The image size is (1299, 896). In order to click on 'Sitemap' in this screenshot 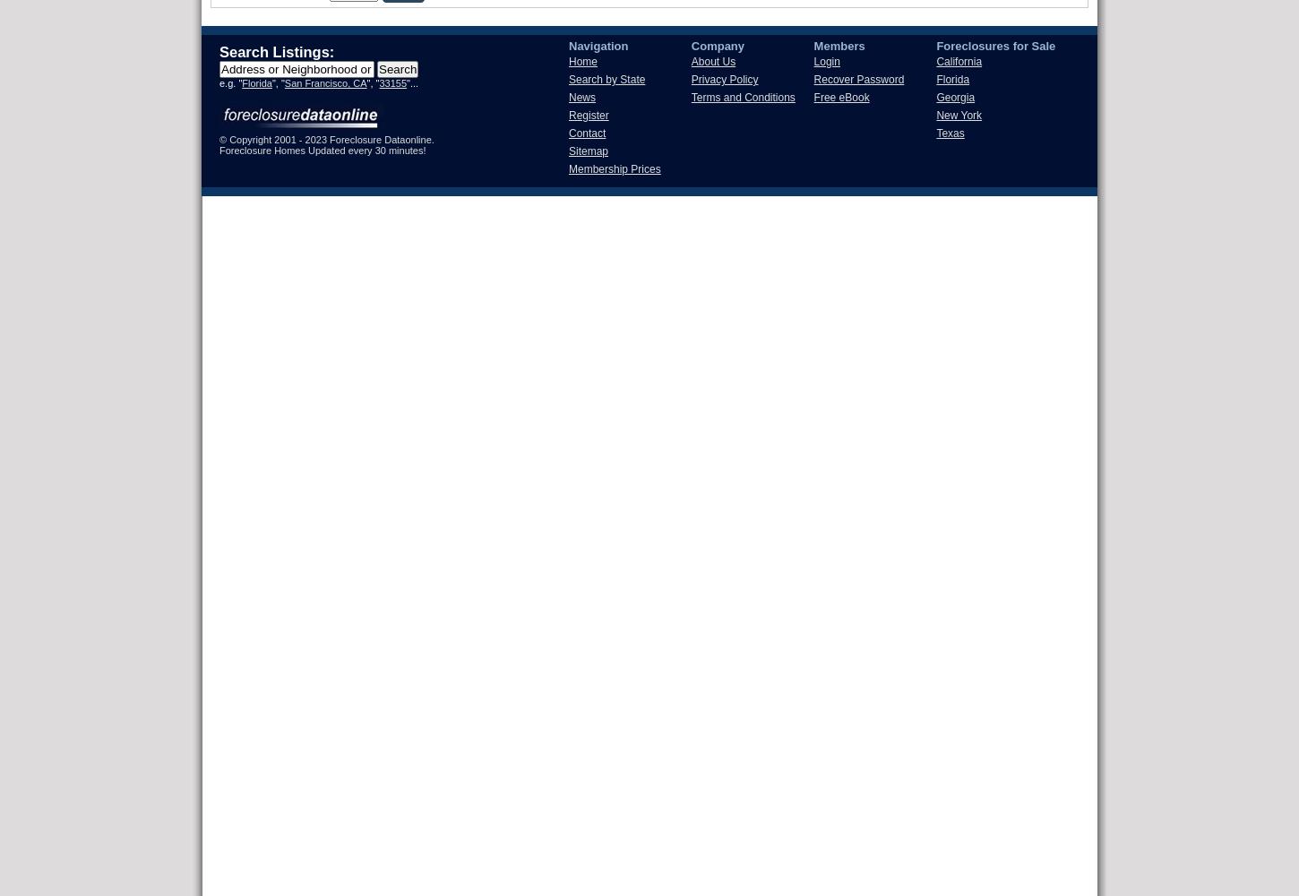, I will do `click(587, 151)`.